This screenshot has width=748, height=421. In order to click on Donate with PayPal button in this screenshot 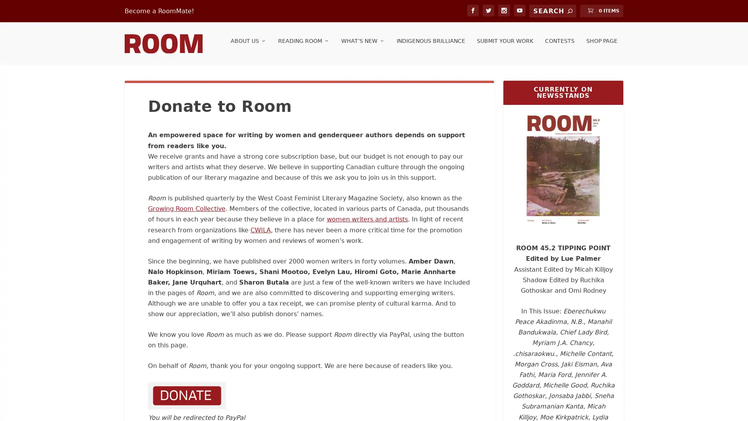, I will do `click(187, 401)`.